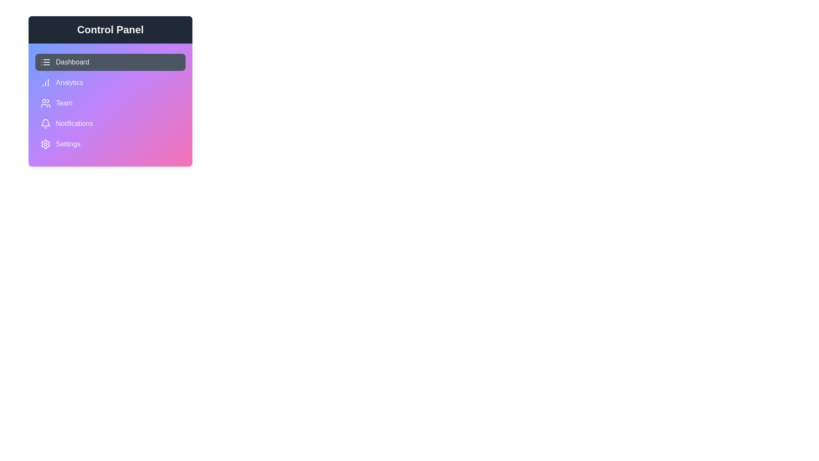  Describe the element at coordinates (73, 62) in the screenshot. I see `the 'Dashboard' text label located within the first entry of a vertical navigation menu in the left-aligned control panel` at that location.